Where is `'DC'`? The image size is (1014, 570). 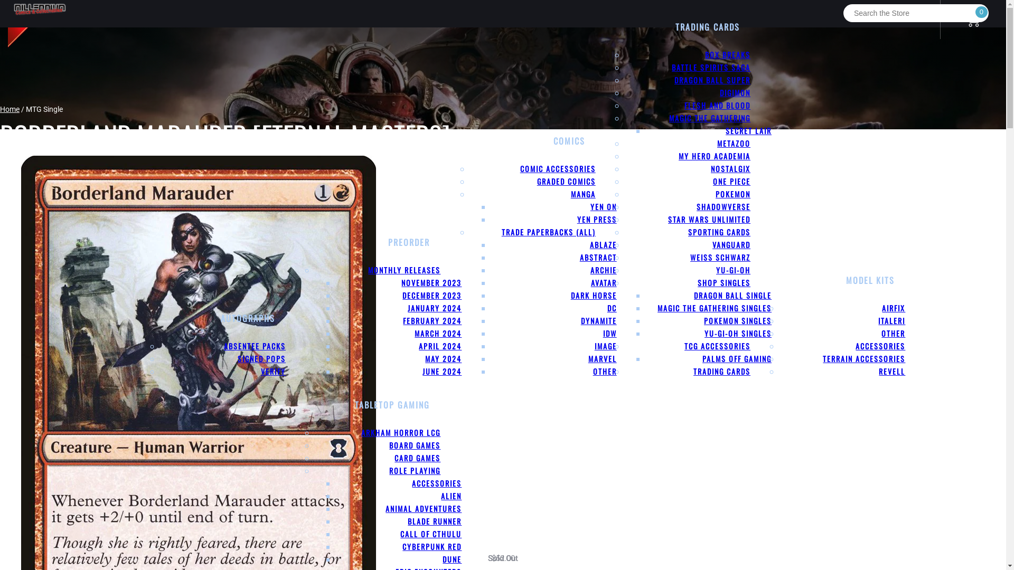 'DC' is located at coordinates (612, 308).